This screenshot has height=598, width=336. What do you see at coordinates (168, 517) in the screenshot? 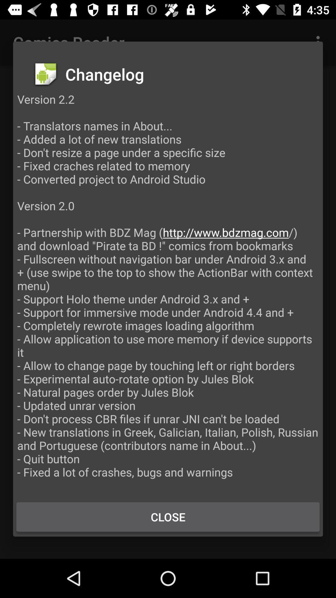
I see `the button at the bottom` at bounding box center [168, 517].